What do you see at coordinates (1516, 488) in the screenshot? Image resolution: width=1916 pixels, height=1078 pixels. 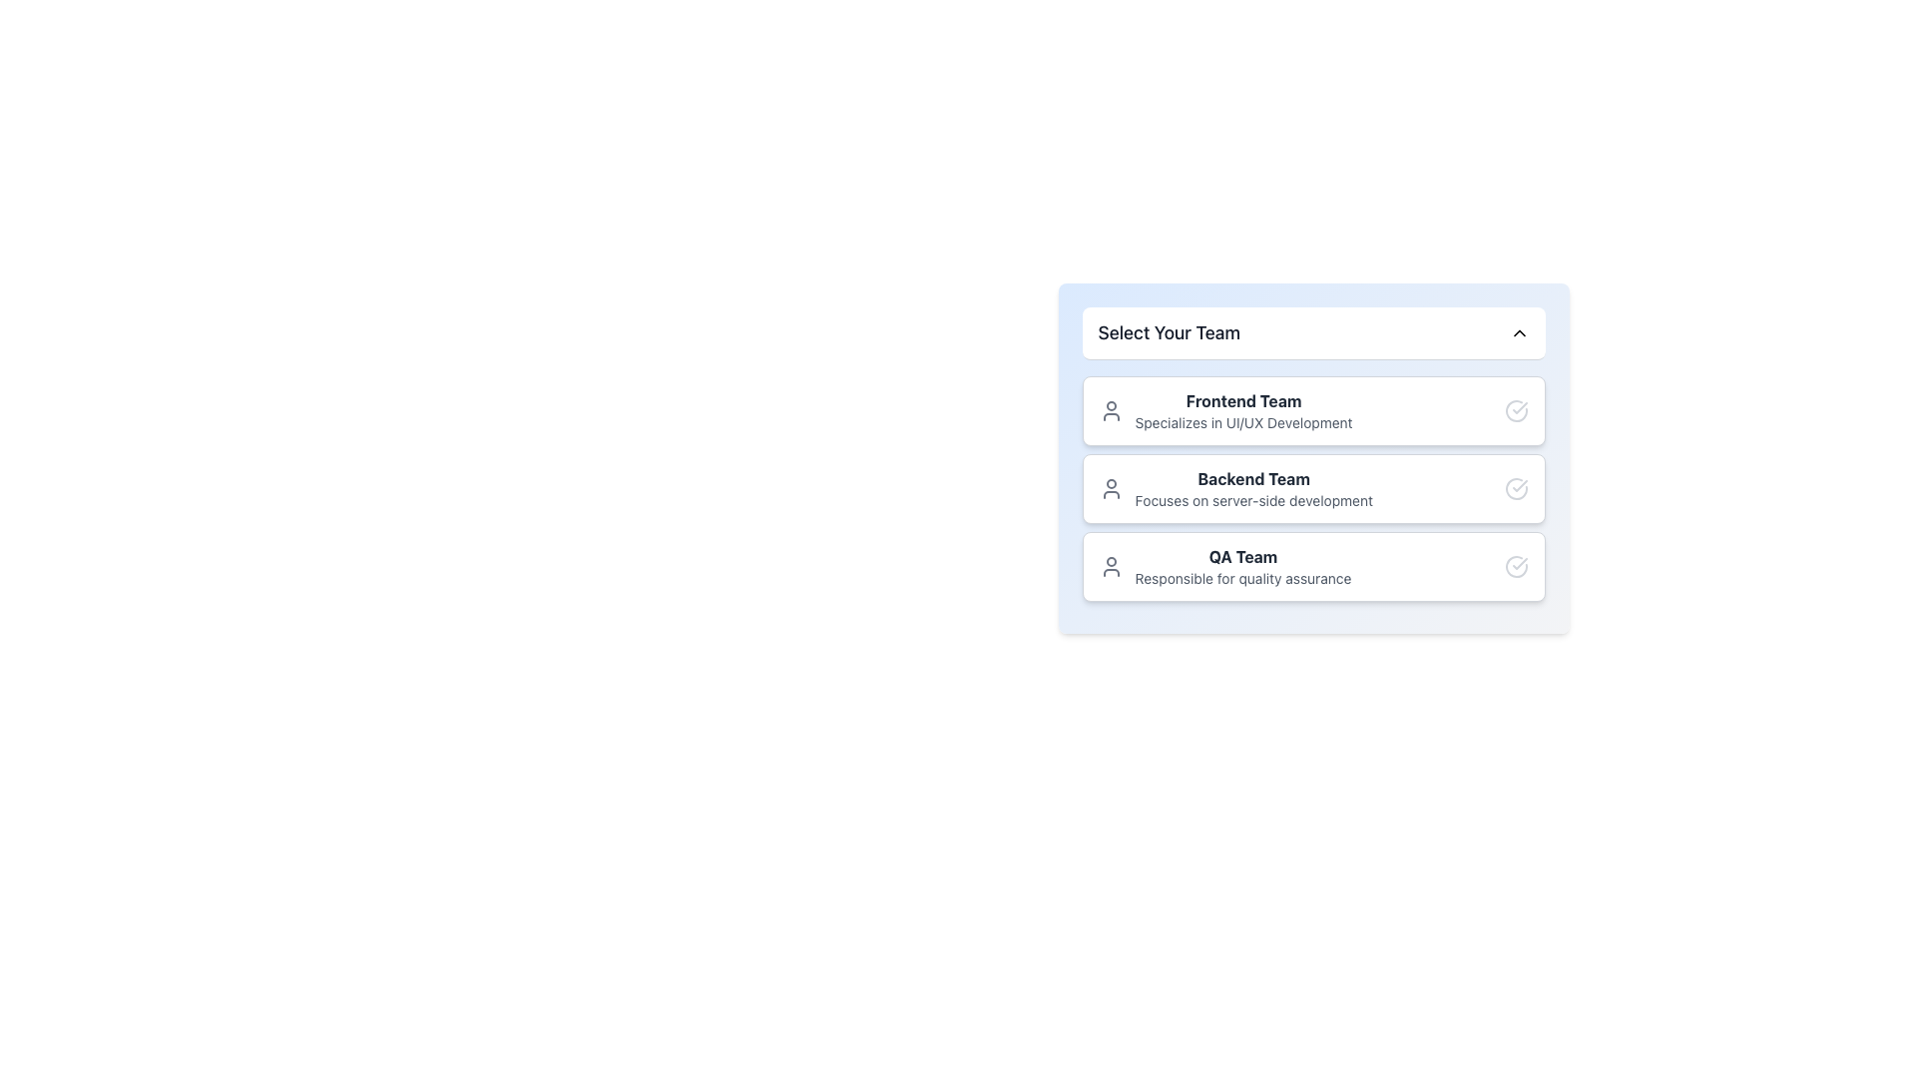 I see `the SVG icon associated with the 'Backend Team' entry` at bounding box center [1516, 488].